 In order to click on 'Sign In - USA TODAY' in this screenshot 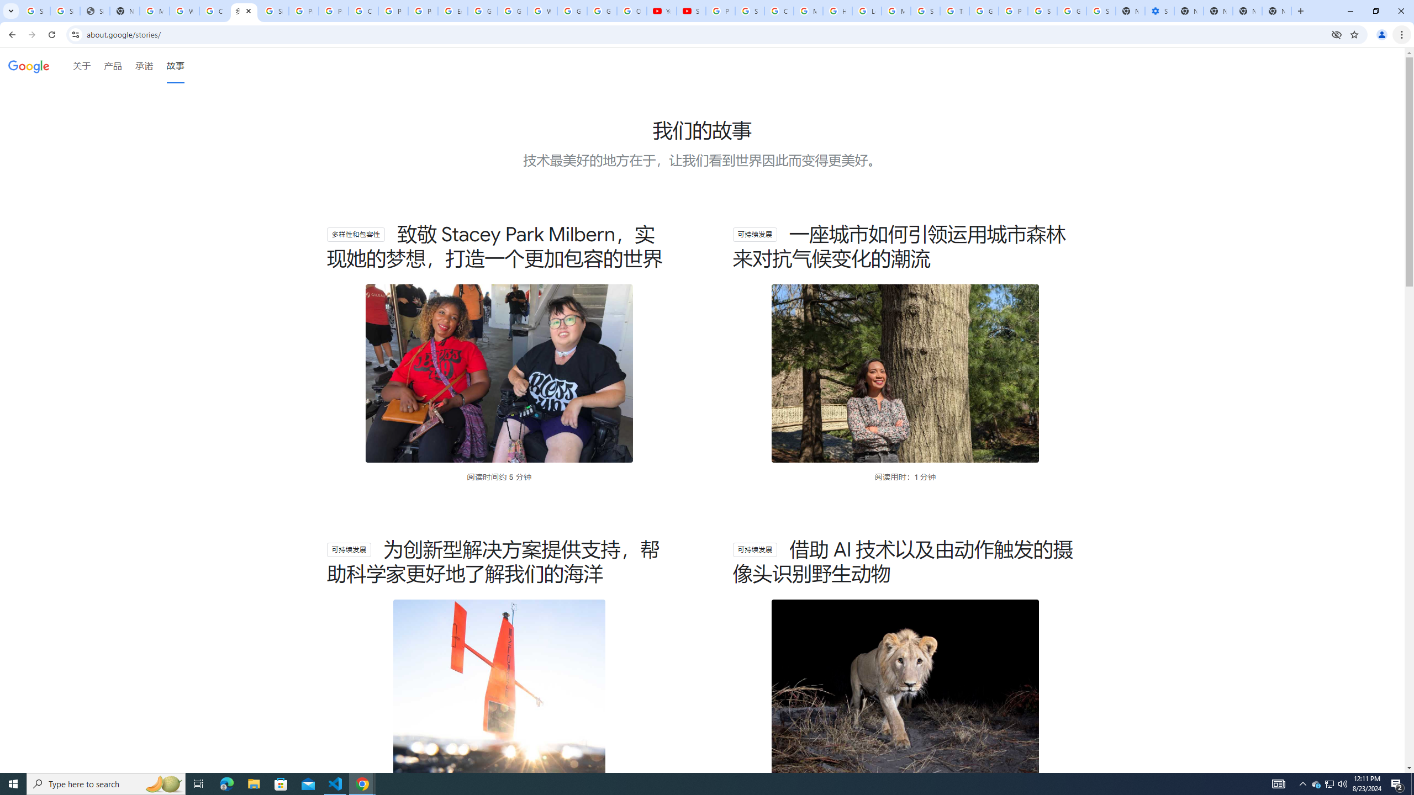, I will do `click(94, 10)`.